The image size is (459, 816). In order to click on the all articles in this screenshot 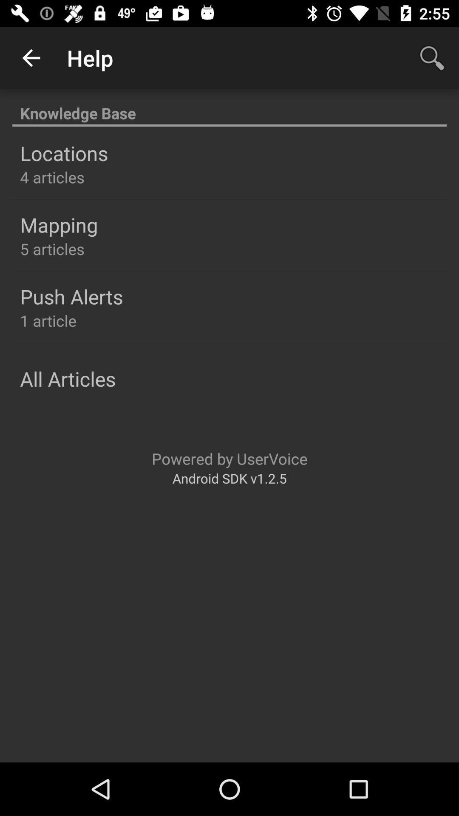, I will do `click(67, 378)`.